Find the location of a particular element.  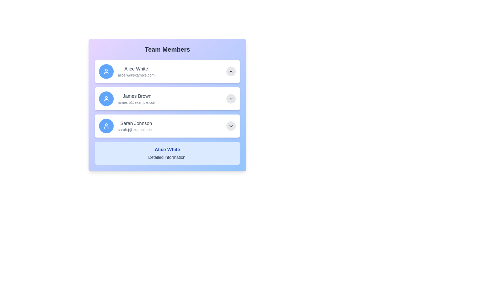

the Text label displaying 'Alice White' which serves as the title in the 'Team Members' section, located at the bottom of a list within a rectangular card is located at coordinates (167, 149).